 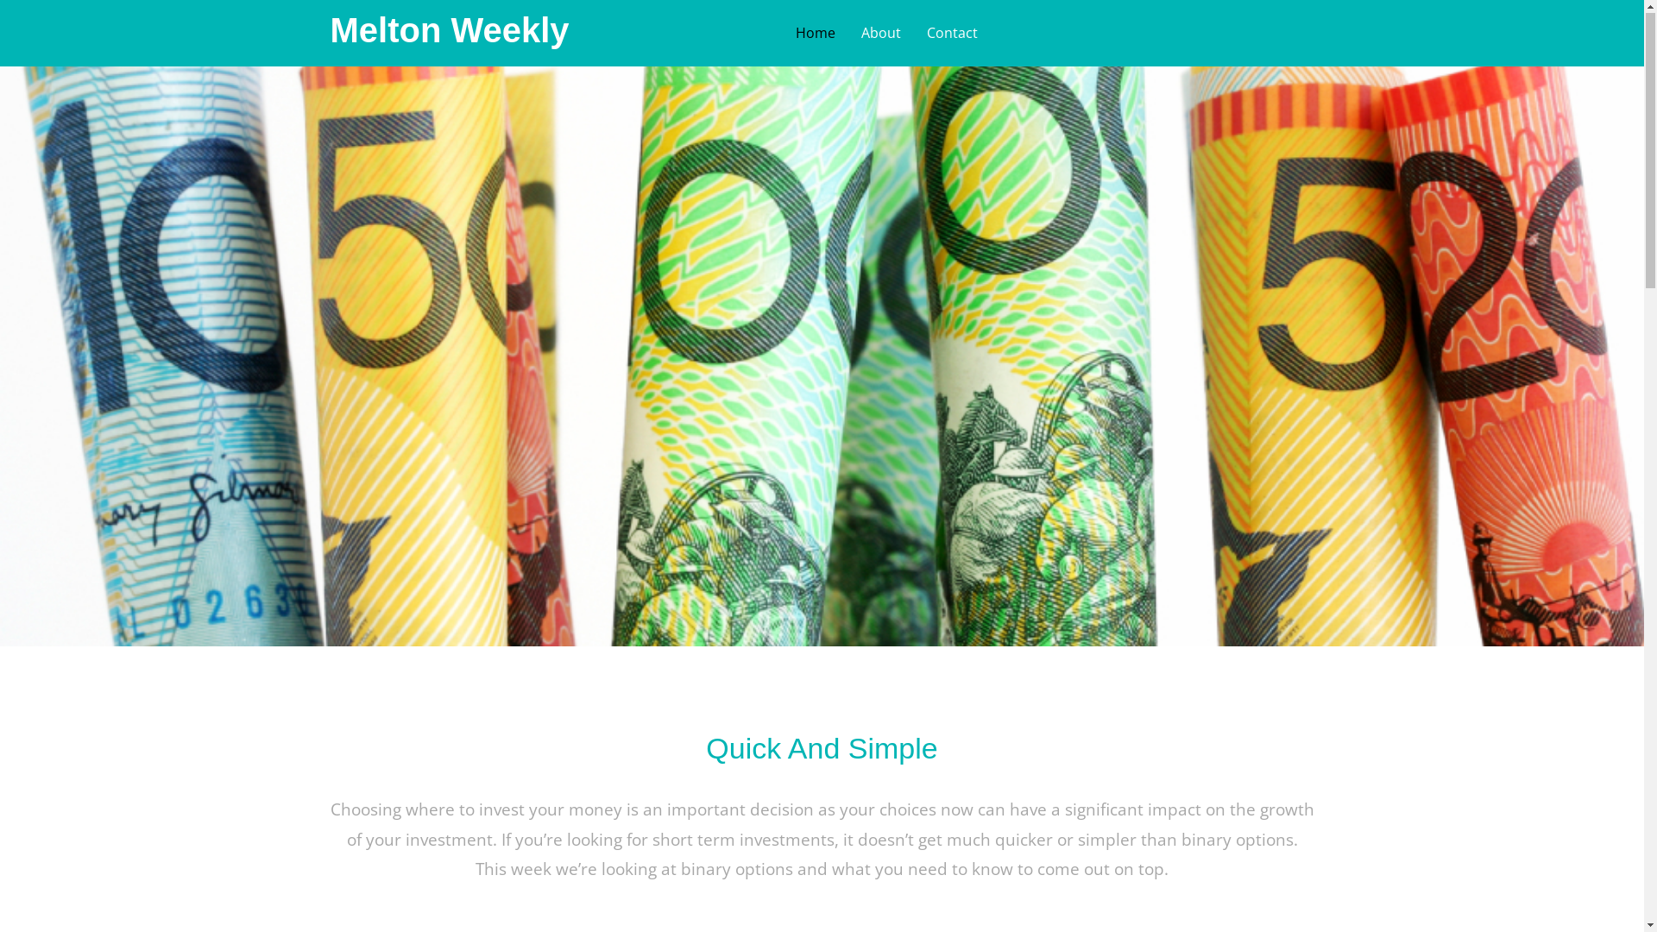 I want to click on 'About', so click(x=881, y=33).